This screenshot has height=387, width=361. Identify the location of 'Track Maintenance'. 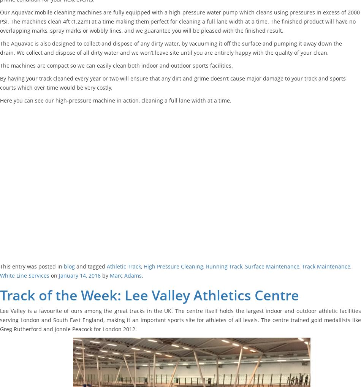
(326, 266).